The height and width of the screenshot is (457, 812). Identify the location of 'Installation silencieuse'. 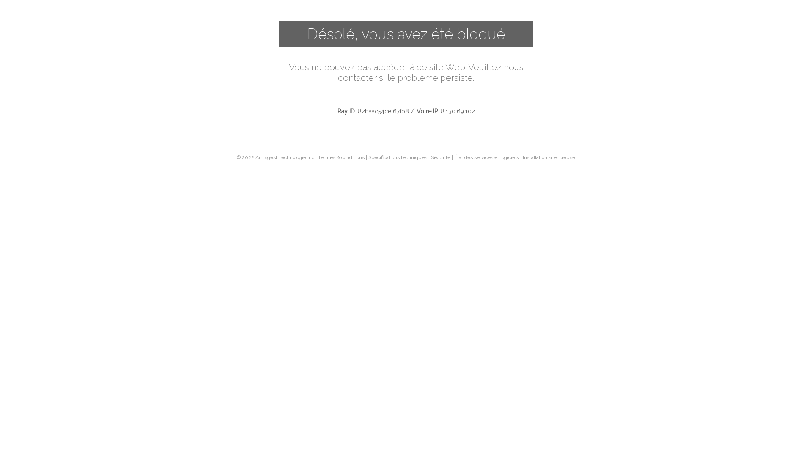
(522, 157).